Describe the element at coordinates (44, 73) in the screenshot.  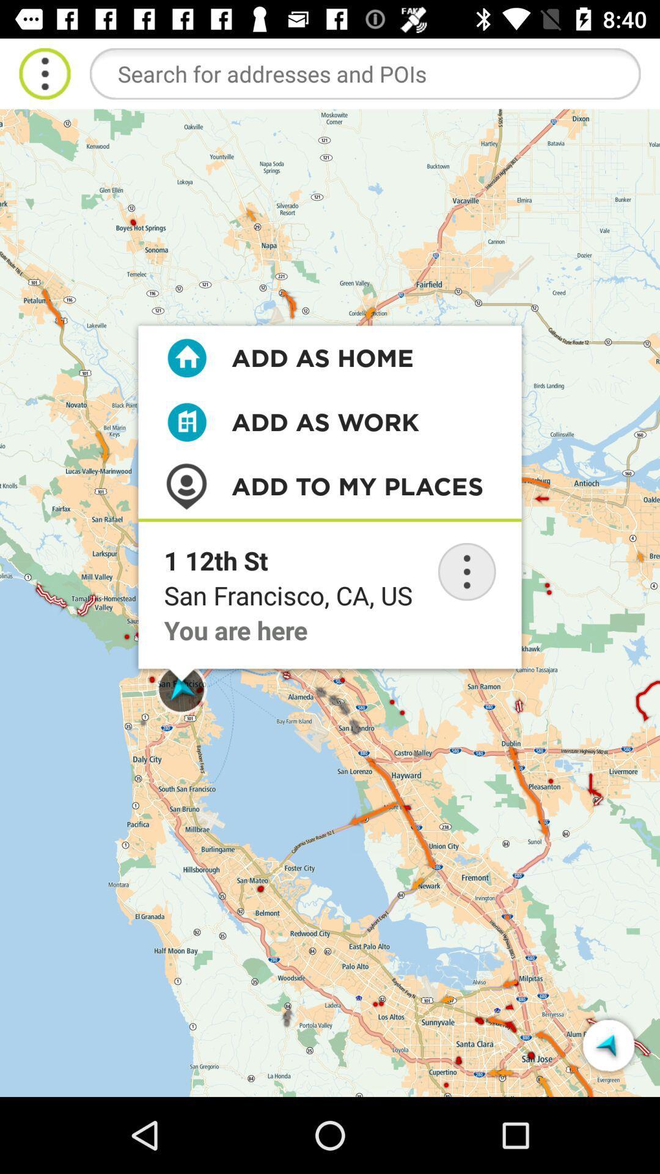
I see `menu dropdown` at that location.